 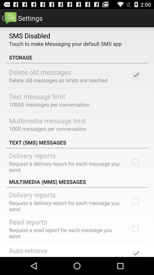 I want to click on the item below auto-retrieve item, so click(x=47, y=256).